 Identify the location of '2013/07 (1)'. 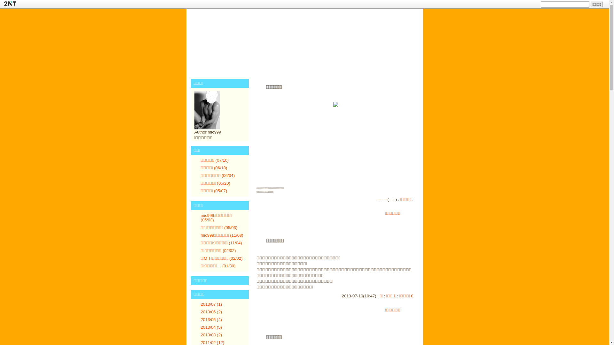
(211, 304).